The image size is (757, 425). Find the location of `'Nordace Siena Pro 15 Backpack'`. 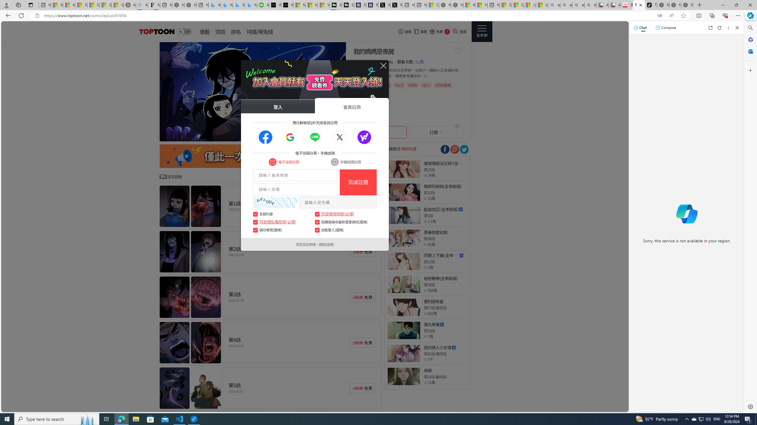

'Nordace Siena Pro 15 Backpack' is located at coordinates (675, 5).